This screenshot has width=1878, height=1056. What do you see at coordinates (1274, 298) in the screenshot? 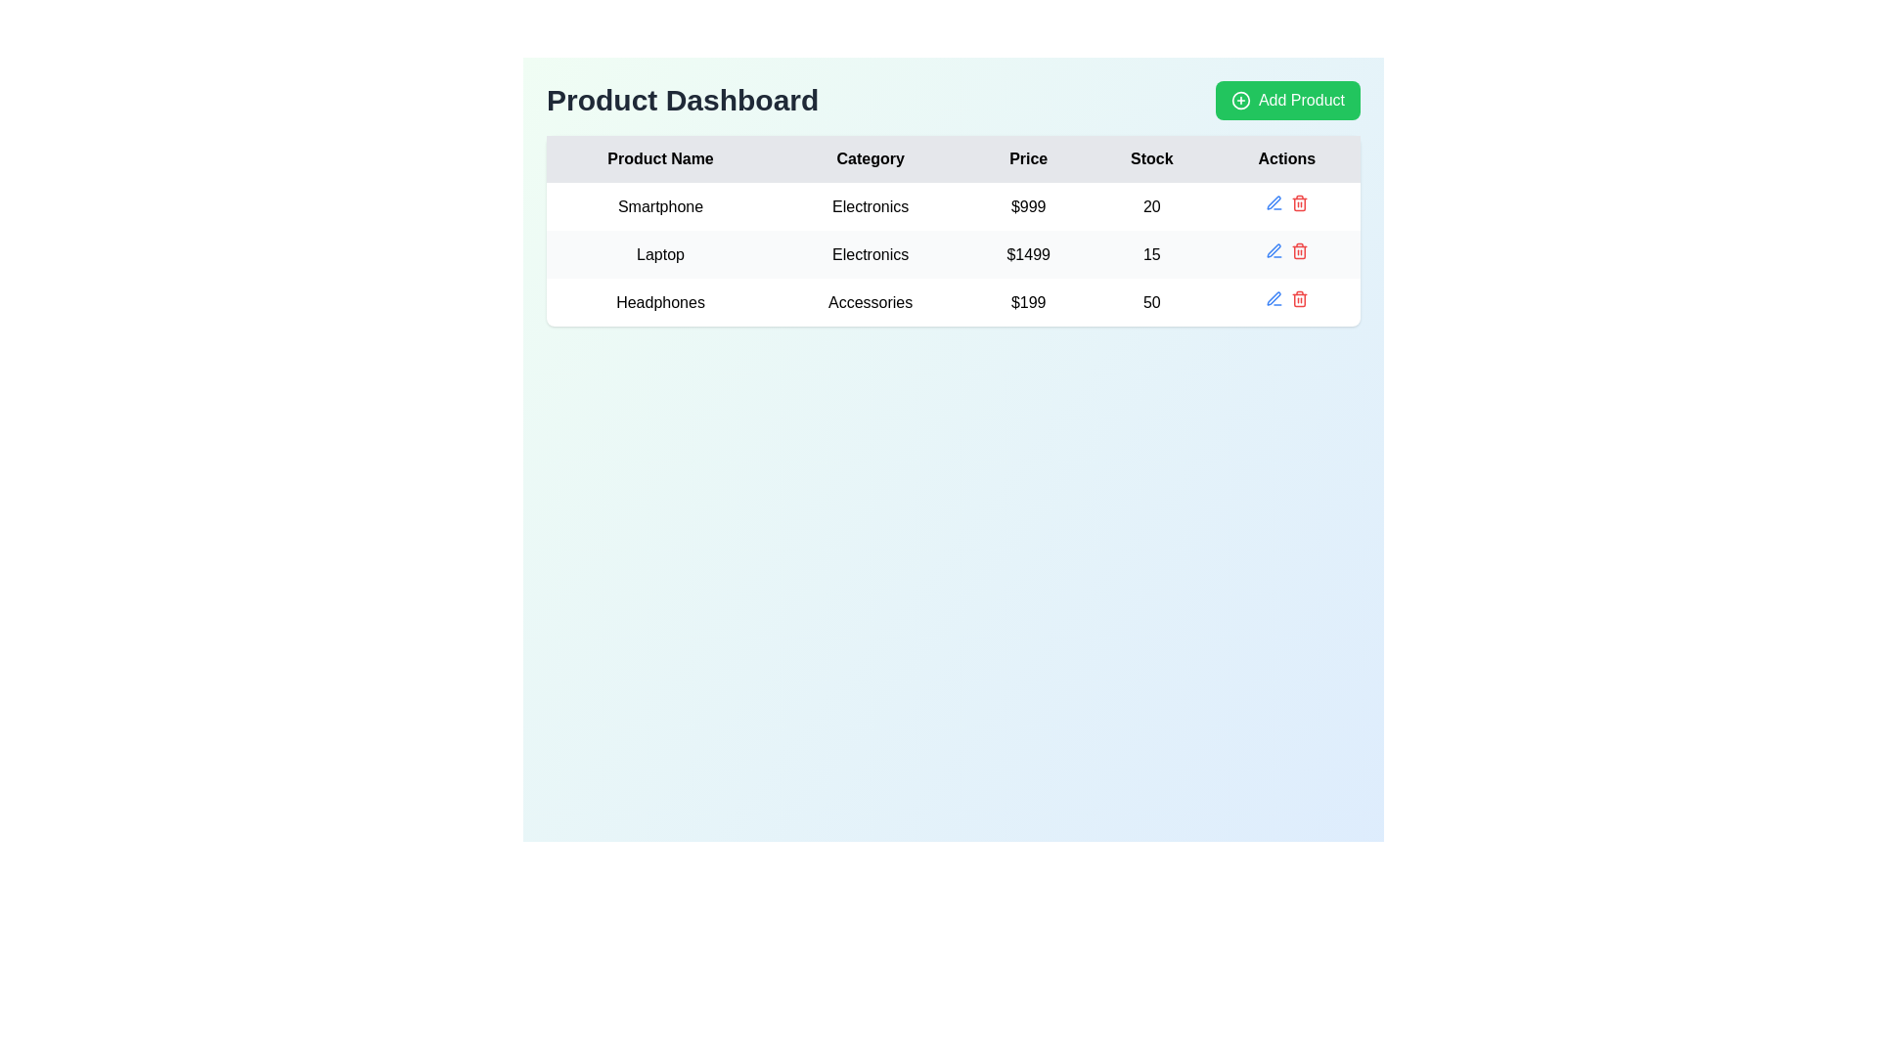
I see `the pen icon button located in the 'Actions' column of the first row of the table, which is styled with a blue color` at bounding box center [1274, 298].